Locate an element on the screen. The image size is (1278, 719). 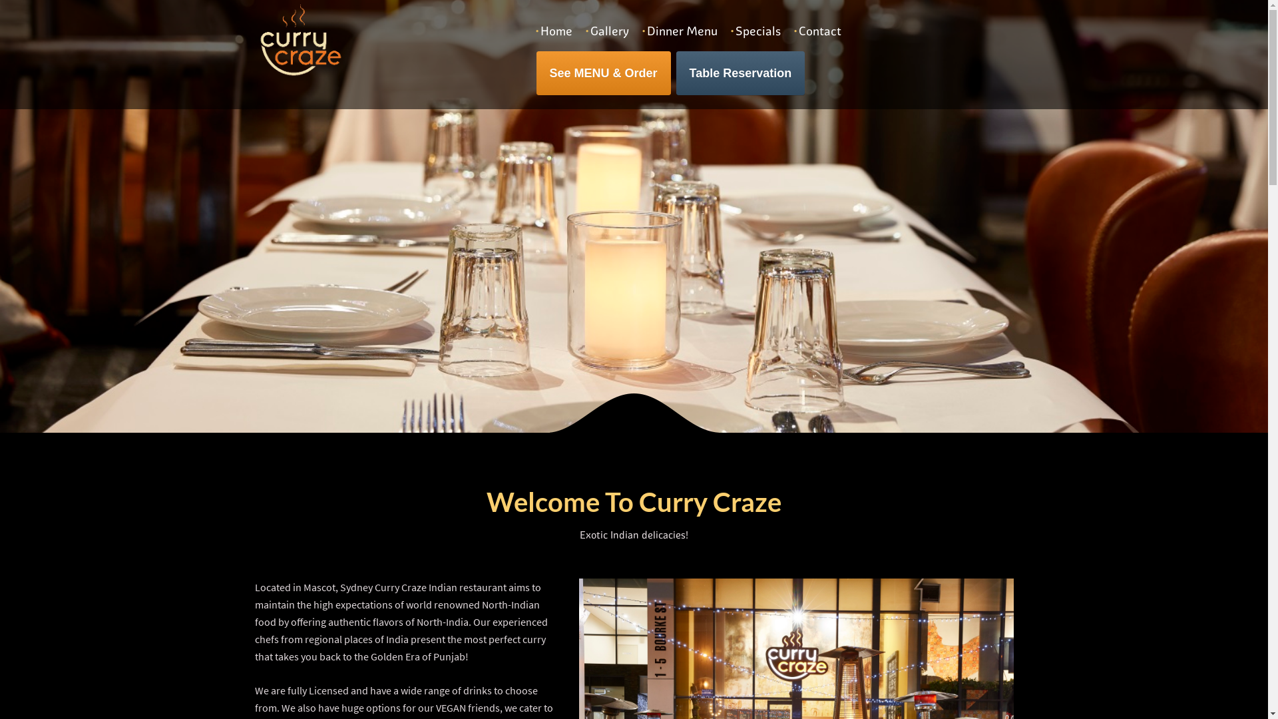
'Specials' is located at coordinates (754, 30).